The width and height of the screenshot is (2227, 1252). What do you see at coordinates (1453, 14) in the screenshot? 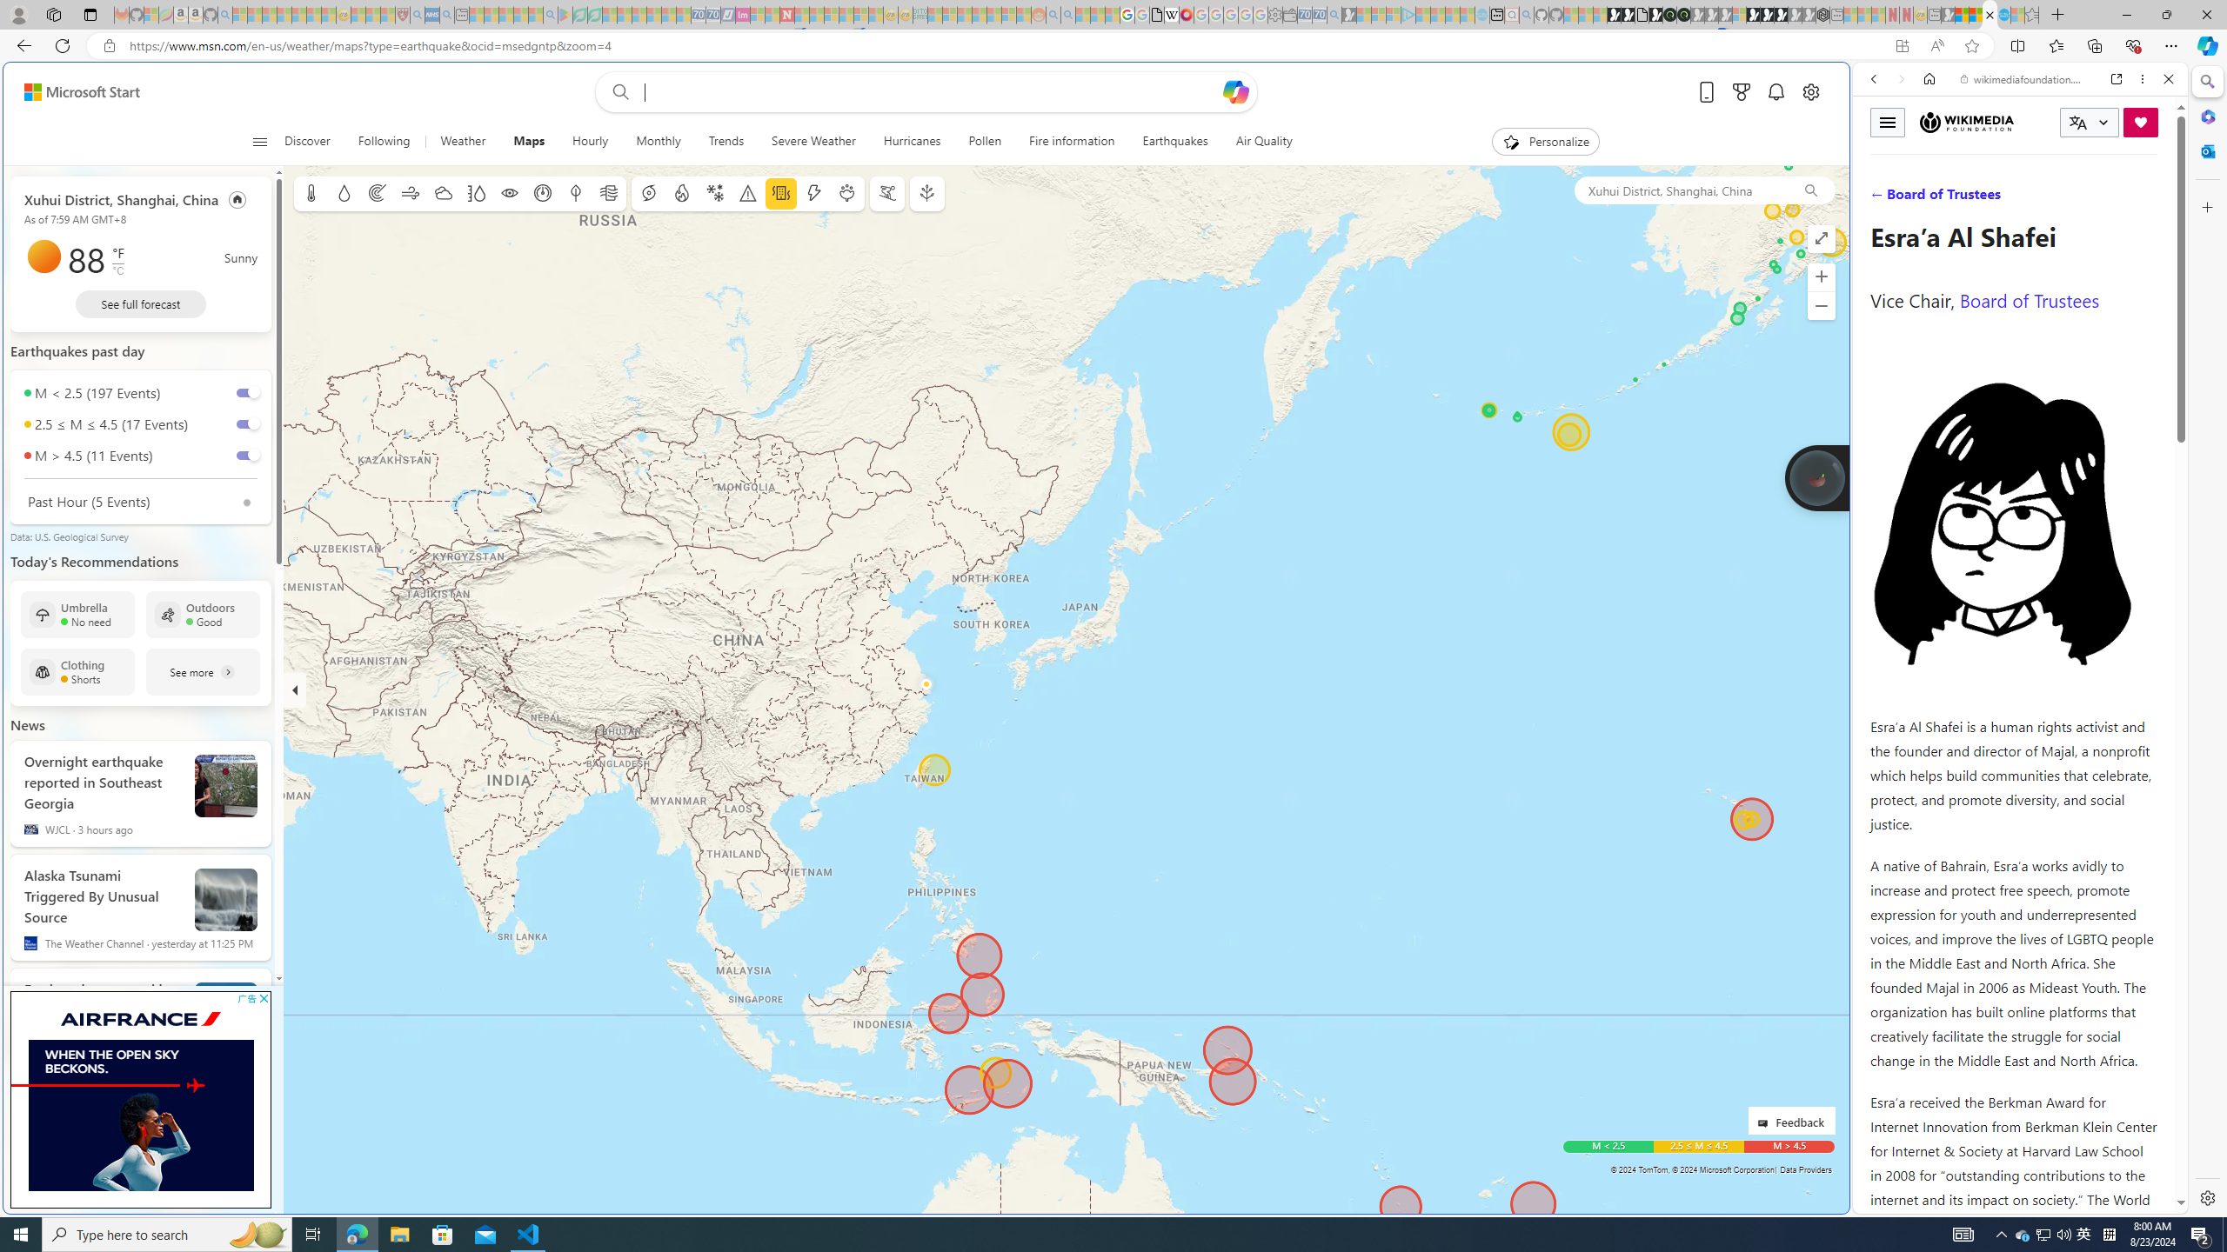
I see `'Microsoft Start - Sleeping'` at bounding box center [1453, 14].